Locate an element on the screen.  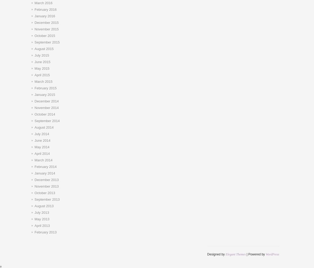
'July 2014' is located at coordinates (41, 134).